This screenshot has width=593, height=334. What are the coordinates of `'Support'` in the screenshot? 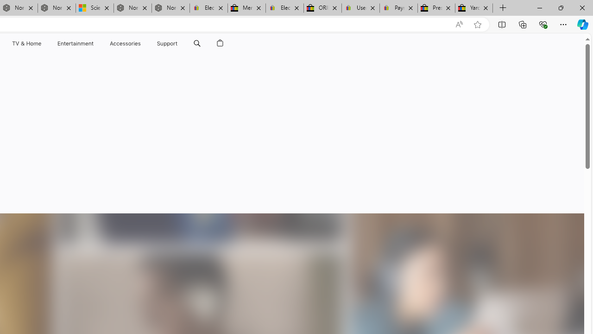 It's located at (167, 43).